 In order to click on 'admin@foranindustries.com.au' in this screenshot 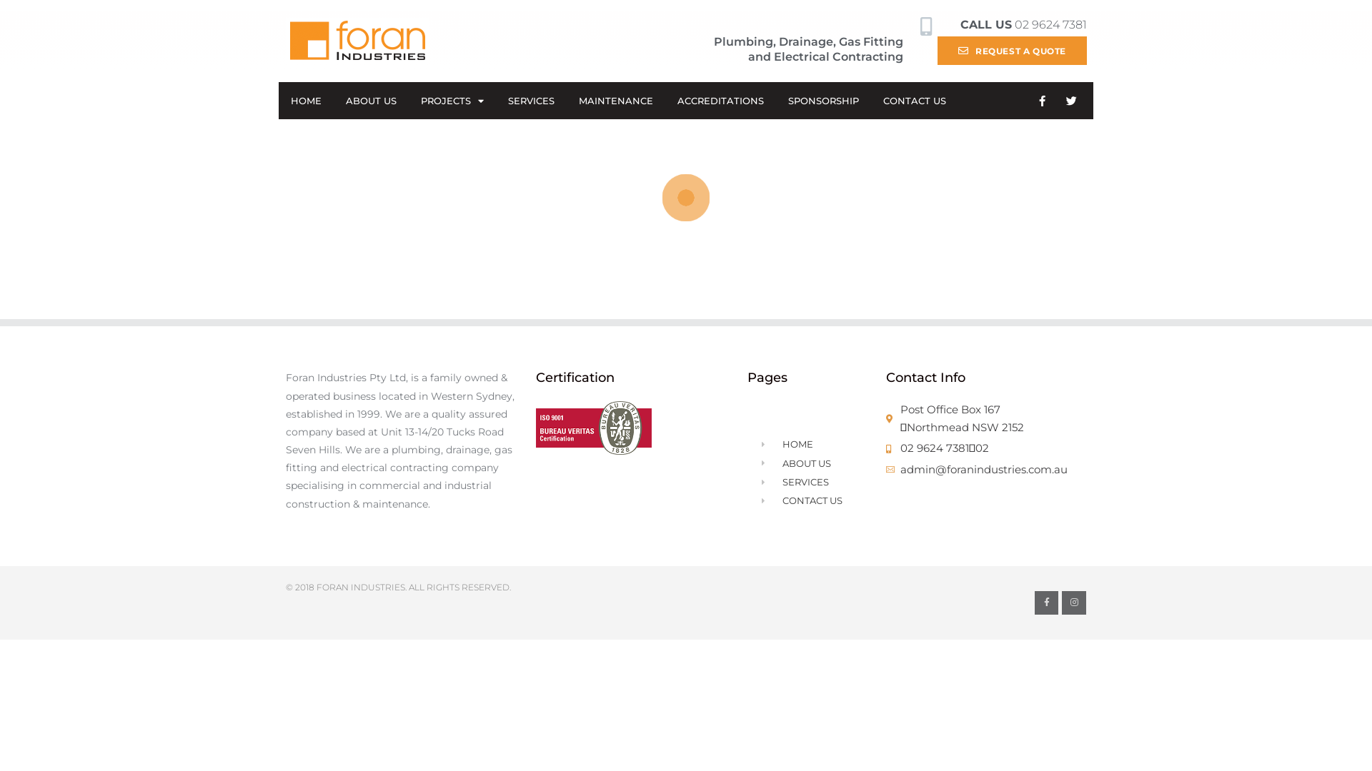, I will do `click(985, 470)`.